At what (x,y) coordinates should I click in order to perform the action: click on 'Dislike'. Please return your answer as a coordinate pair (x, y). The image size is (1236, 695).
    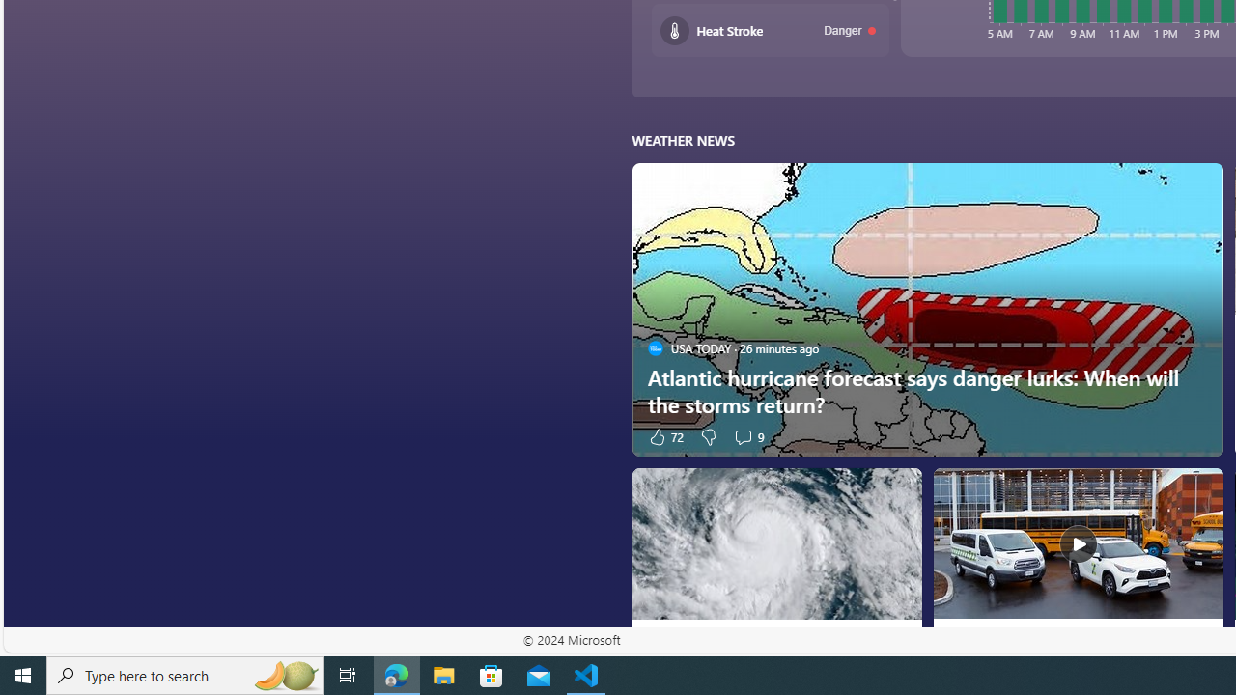
    Looking at the image, I should click on (708, 436).